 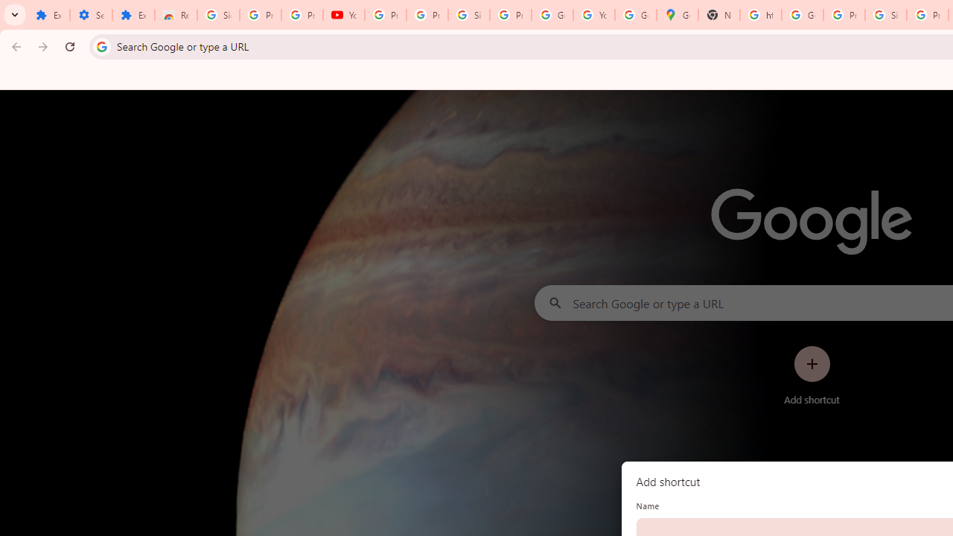 I want to click on 'Sign in - Google Accounts', so click(x=886, y=15).